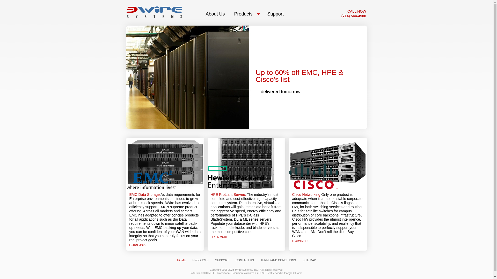  What do you see at coordinates (275, 14) in the screenshot?
I see `' Support '` at bounding box center [275, 14].